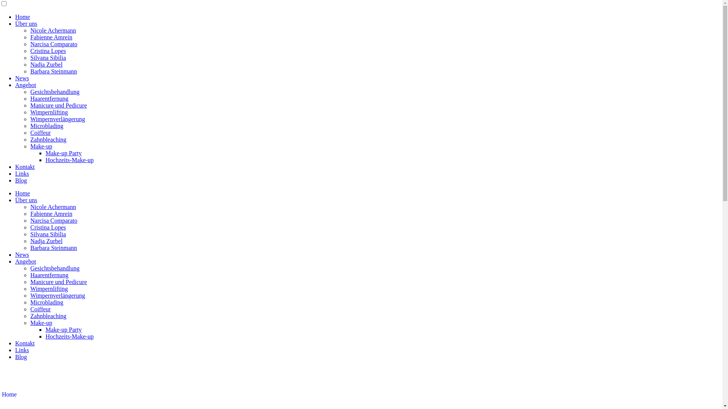 The image size is (728, 409). What do you see at coordinates (64, 153) in the screenshot?
I see `'Make-up Party'` at bounding box center [64, 153].